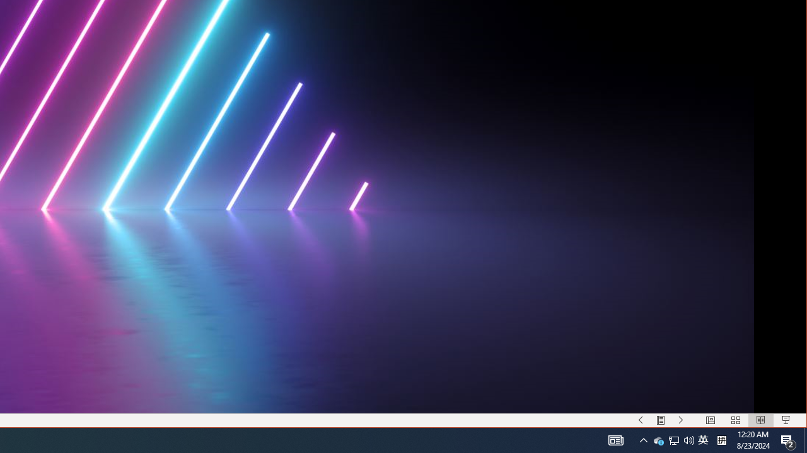 The image size is (807, 453). What do you see at coordinates (658, 439) in the screenshot?
I see `'Q2790: 100%'` at bounding box center [658, 439].